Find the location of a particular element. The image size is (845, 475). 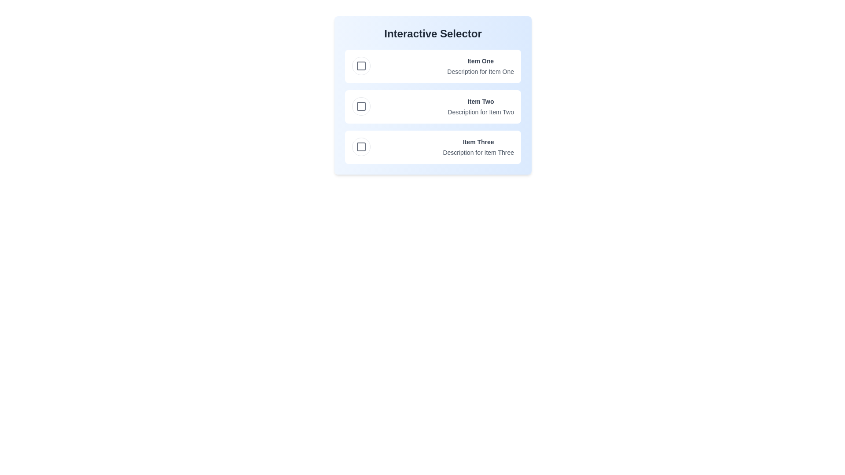

the checkbox of the second list item, which is positioned directly below 'Item One' and above 'Item Three' is located at coordinates (433, 106).